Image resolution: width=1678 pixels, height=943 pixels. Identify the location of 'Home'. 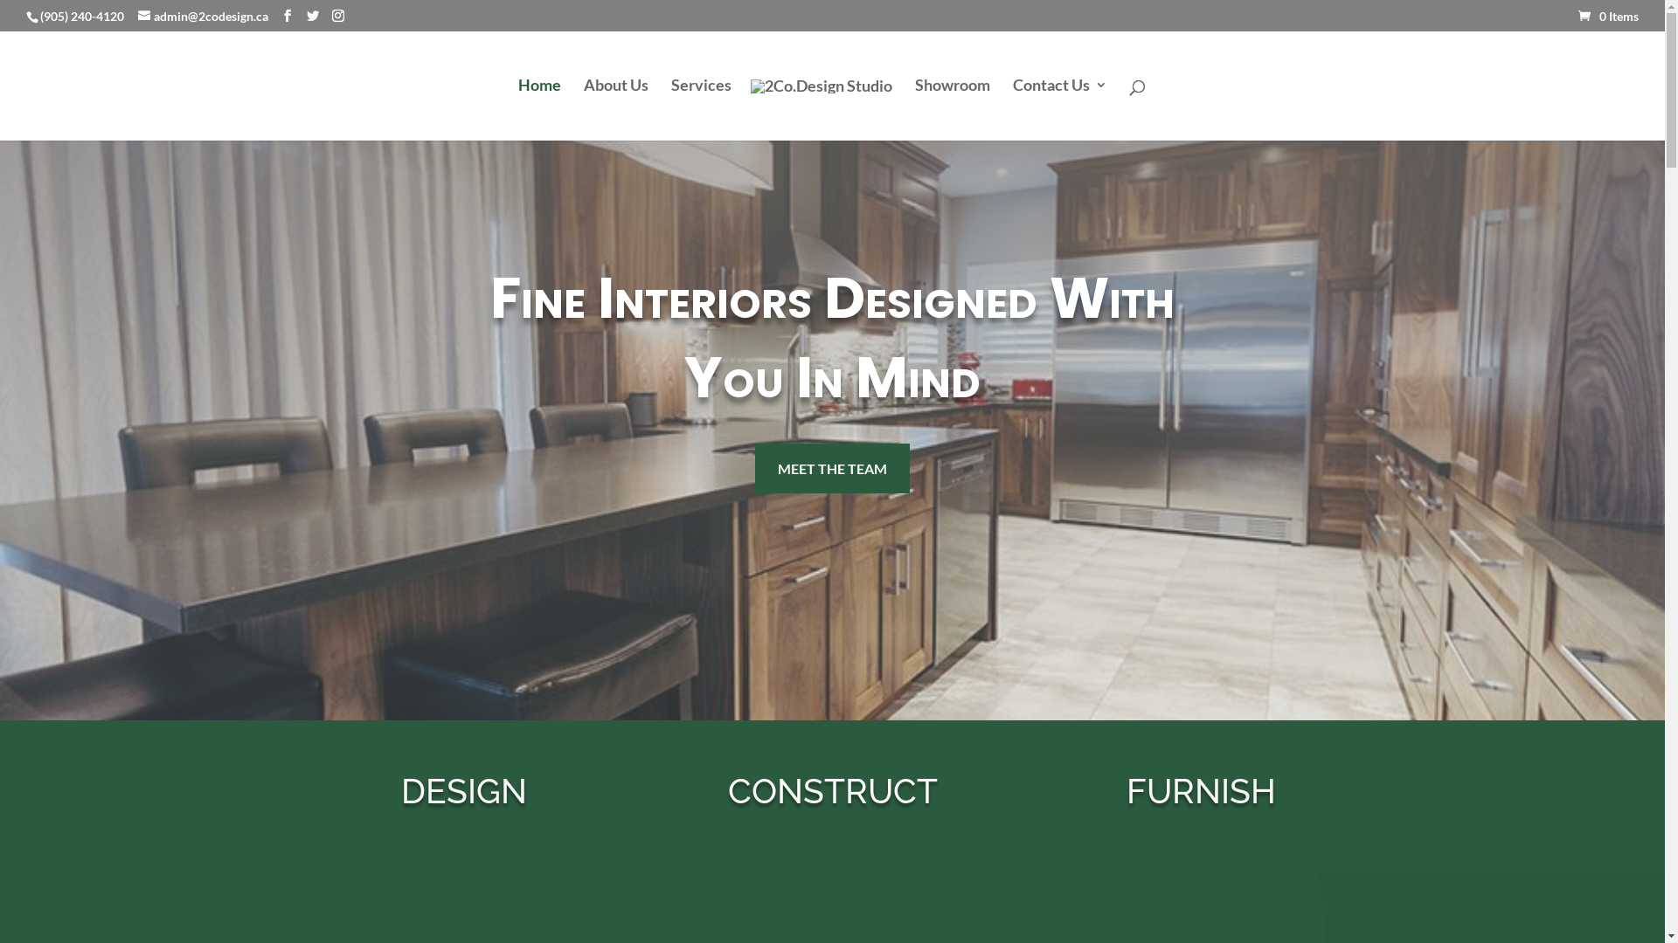
(537, 107).